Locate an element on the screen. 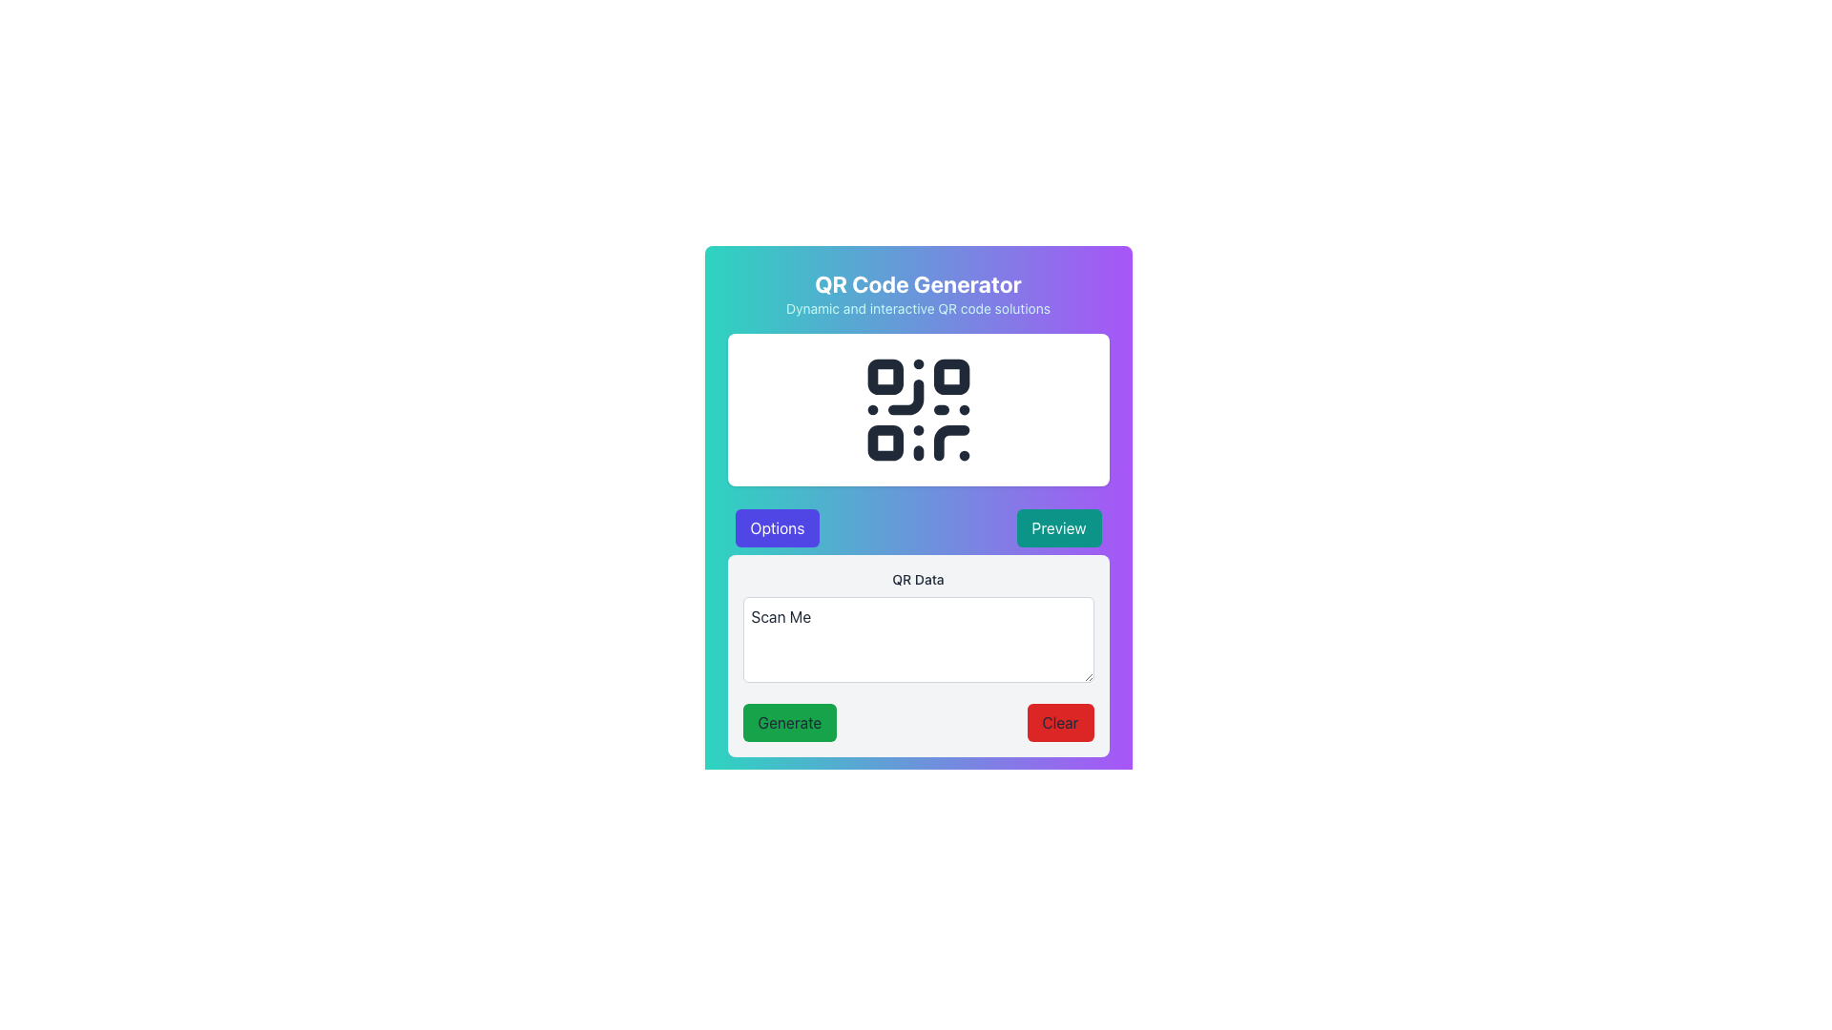 This screenshot has width=1832, height=1030. the bottom-left square of the QR code pattern, which is a small white square with a black border is located at coordinates (884, 443).